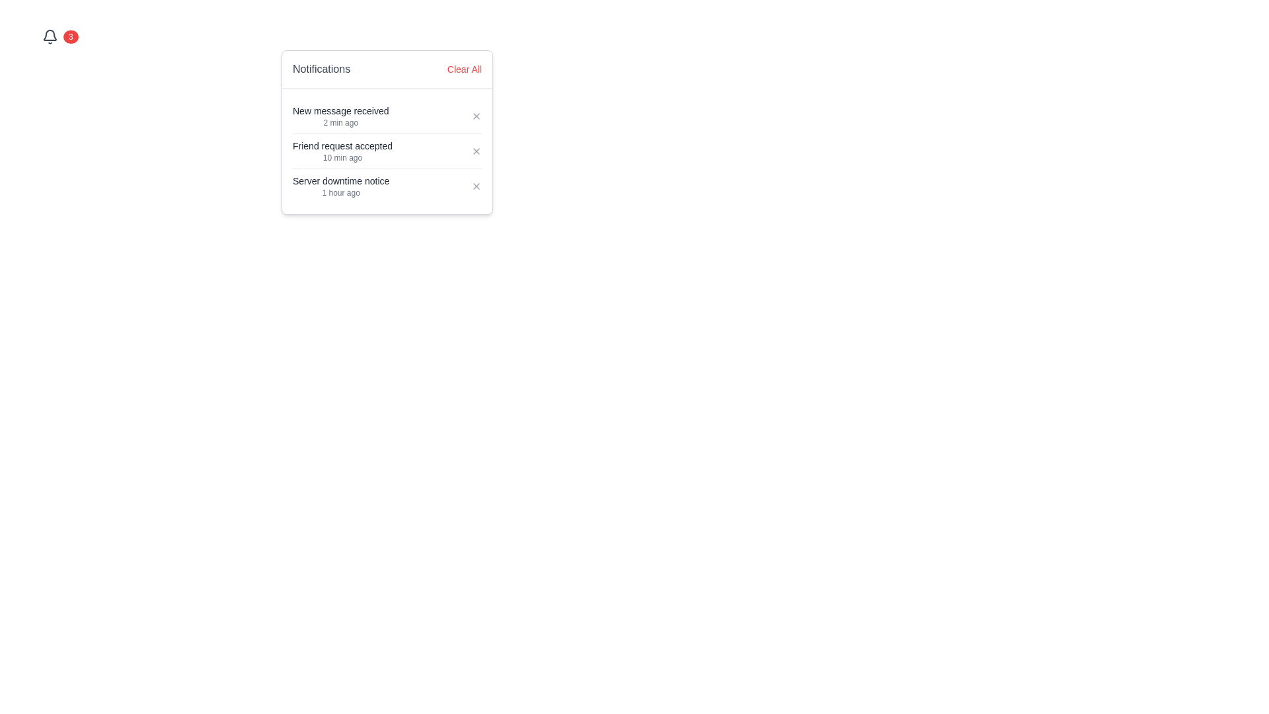  What do you see at coordinates (341, 193) in the screenshot?
I see `the Text Label that contains the text '1 hour ago', located at the bottom-right section of the notification panel under the title 'Server downtime notice'` at bounding box center [341, 193].